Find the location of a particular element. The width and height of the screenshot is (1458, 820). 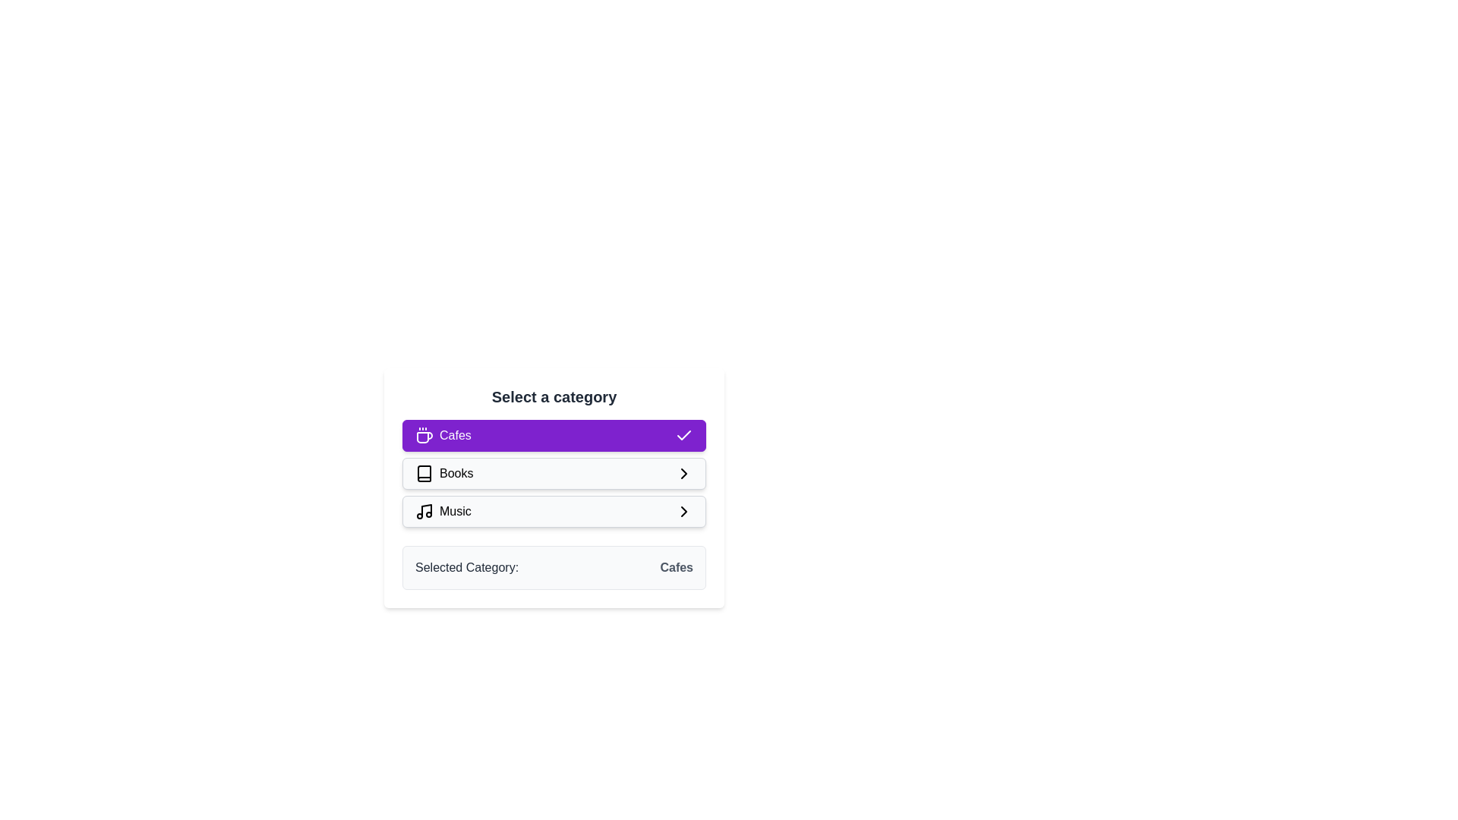

the selected state icon of the 'Cafes' button, which is positioned on the far-right side and aligns with the purple background is located at coordinates (683, 436).